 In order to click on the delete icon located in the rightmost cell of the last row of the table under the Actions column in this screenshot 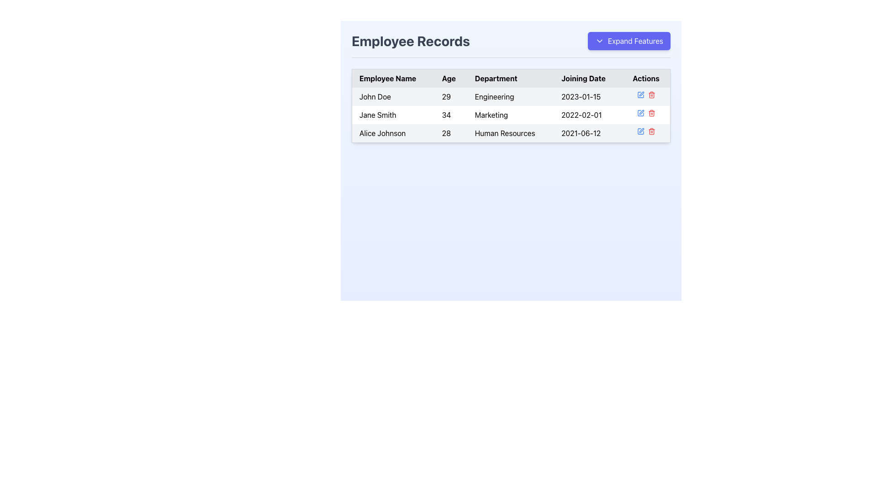, I will do `click(651, 95)`.